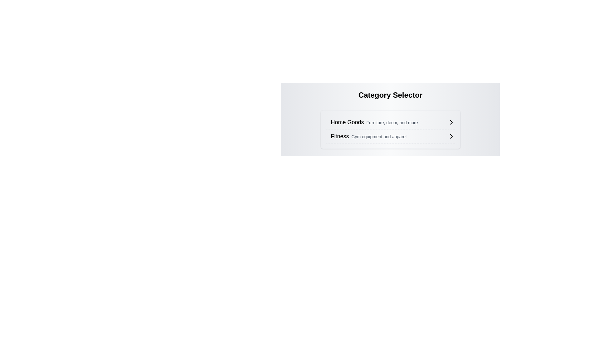  Describe the element at coordinates (451, 136) in the screenshot. I see `the Chevron Right icon located at the right end of the 'Fitness' text` at that location.